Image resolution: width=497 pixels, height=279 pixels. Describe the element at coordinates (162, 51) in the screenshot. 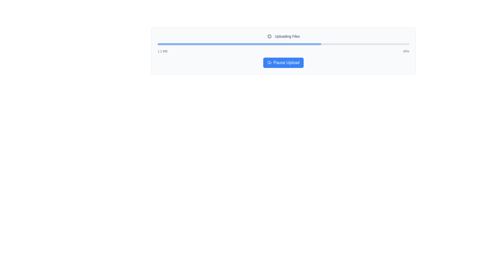

I see `the Text Label that informs users about the file's size during the upload process, located to the left of the file upload status bar` at that location.